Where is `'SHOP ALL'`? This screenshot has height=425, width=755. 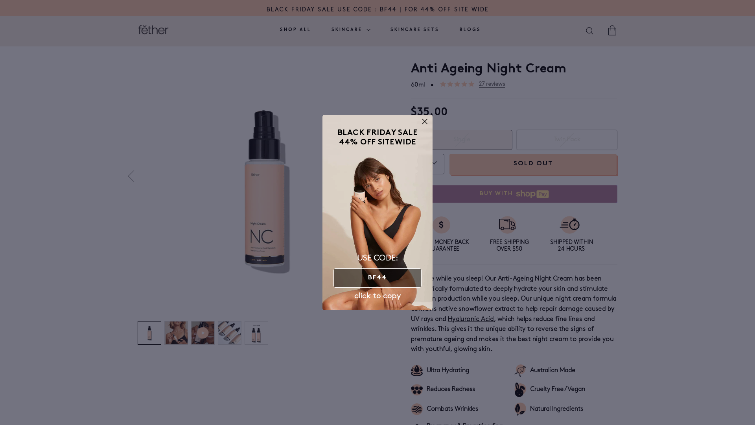 'SHOP ALL' is located at coordinates (295, 30).